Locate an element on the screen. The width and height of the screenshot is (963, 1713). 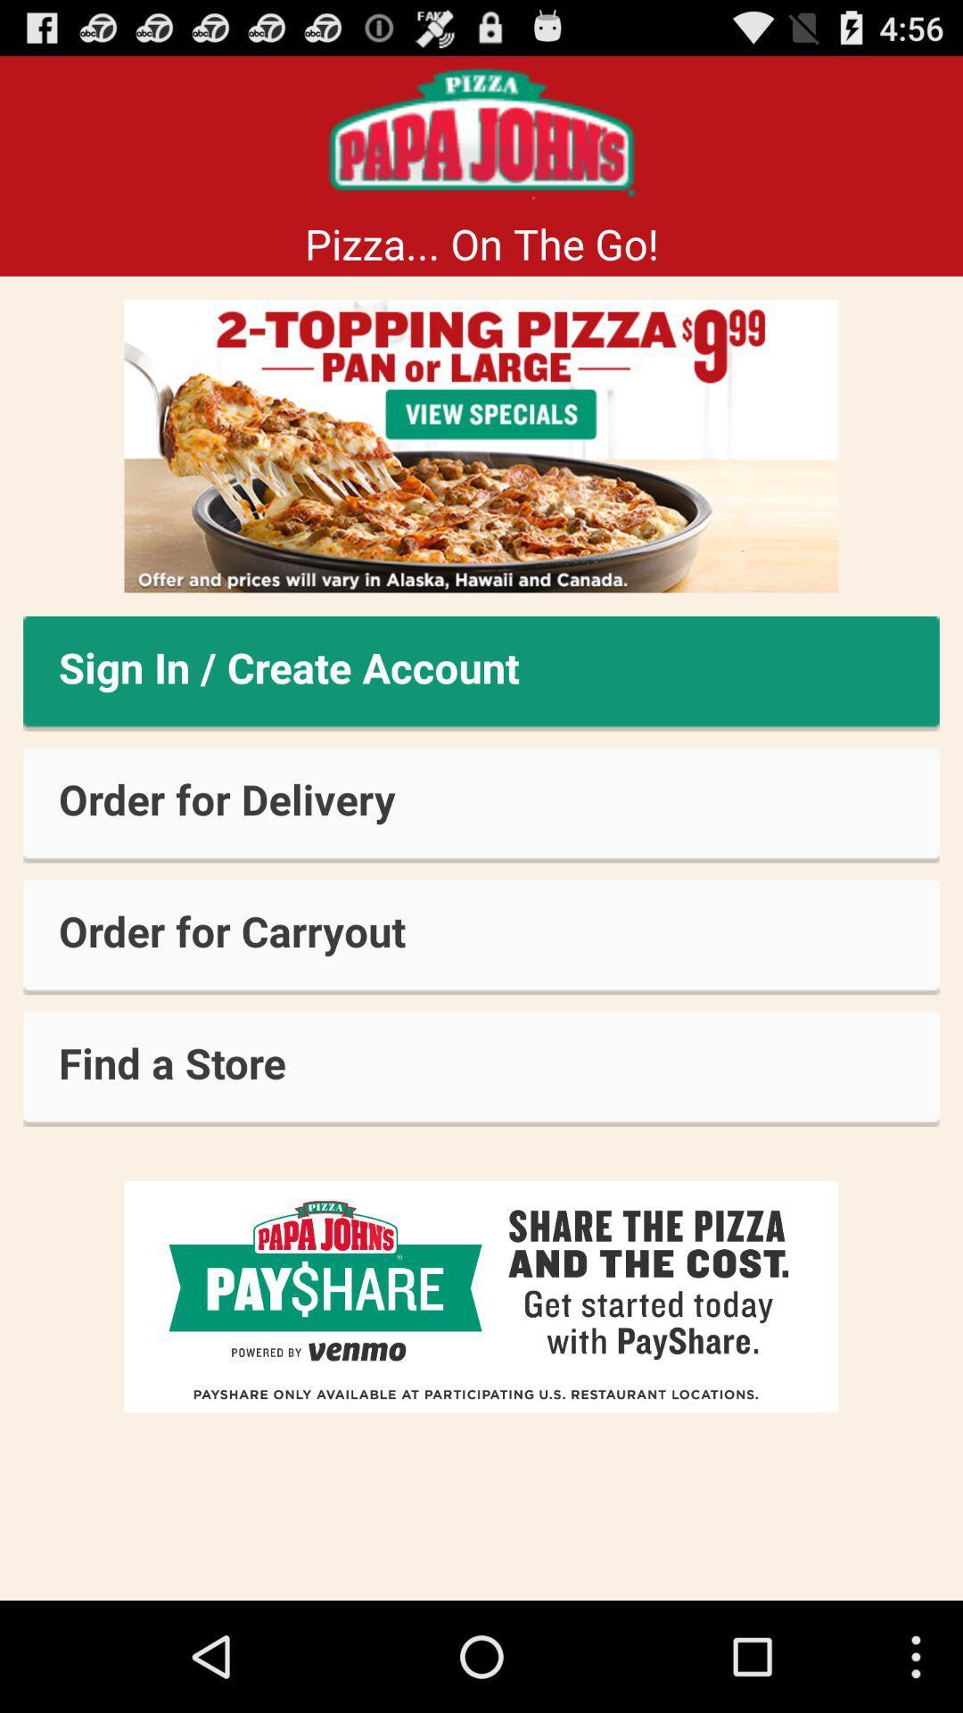
icon above the order for delivery item is located at coordinates (481, 673).